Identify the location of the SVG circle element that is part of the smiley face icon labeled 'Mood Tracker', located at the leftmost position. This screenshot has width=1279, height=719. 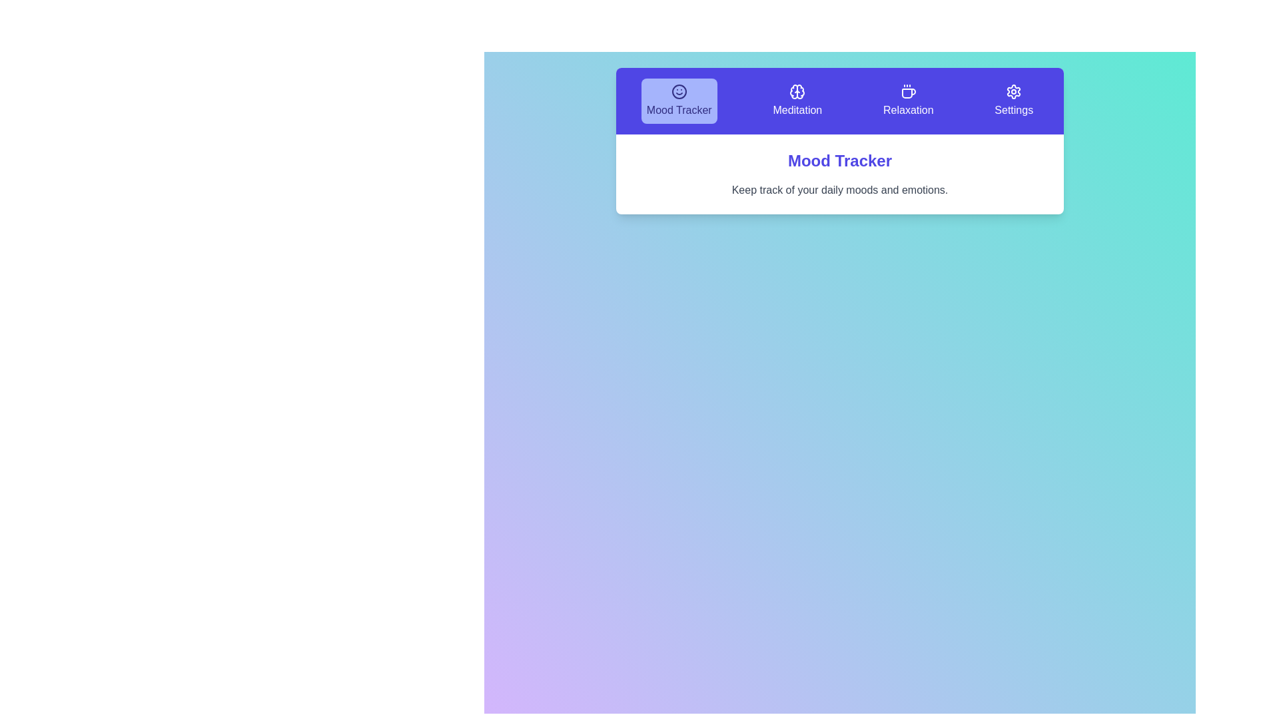
(679, 91).